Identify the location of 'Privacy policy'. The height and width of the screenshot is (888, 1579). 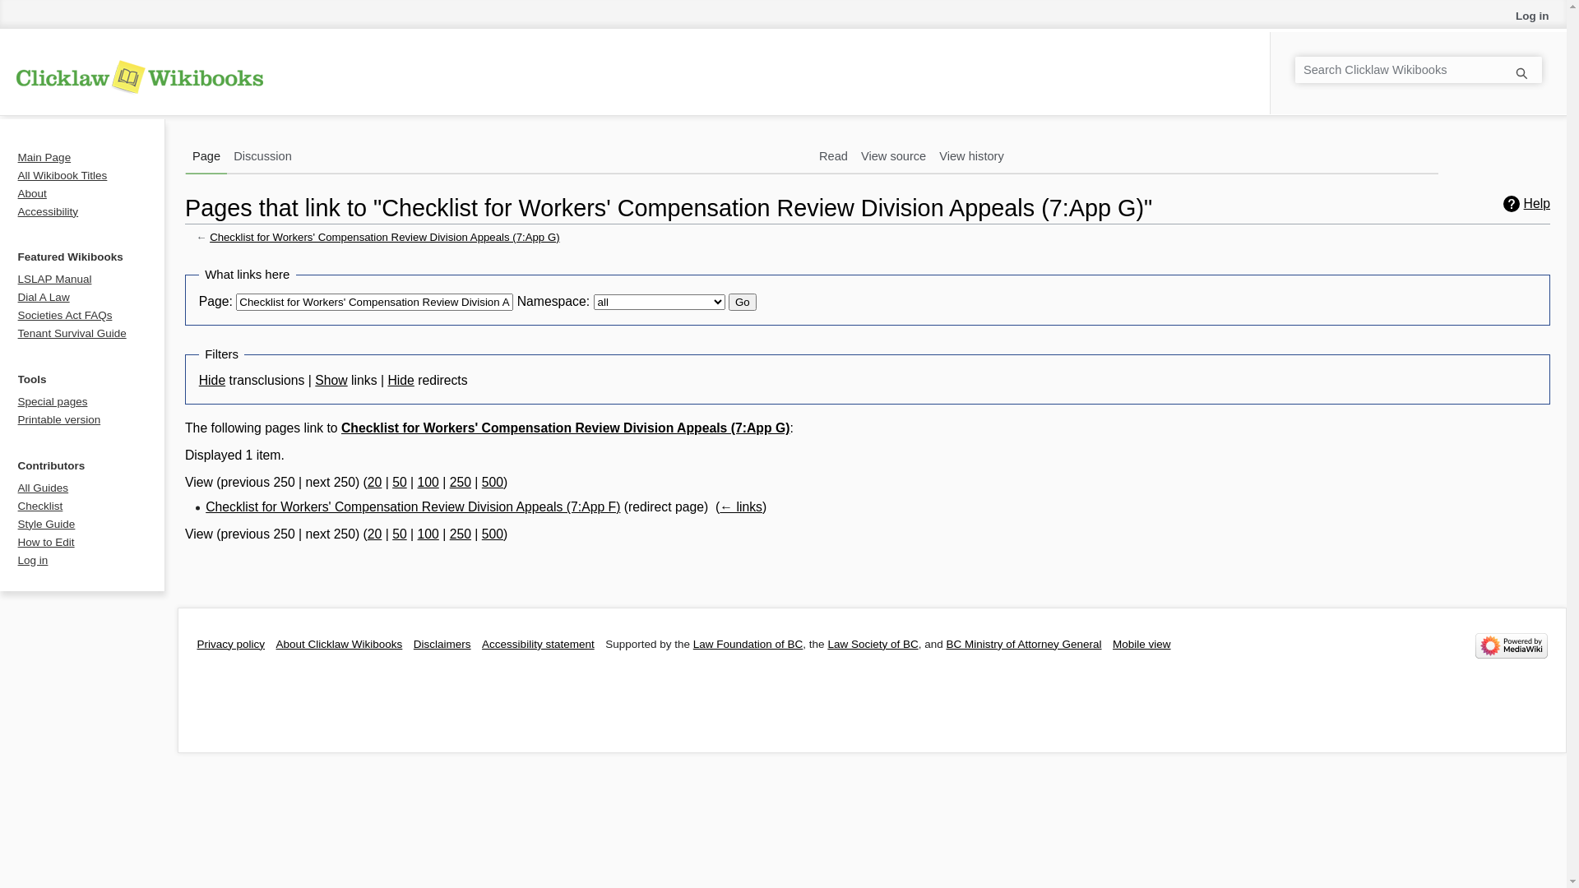
(230, 643).